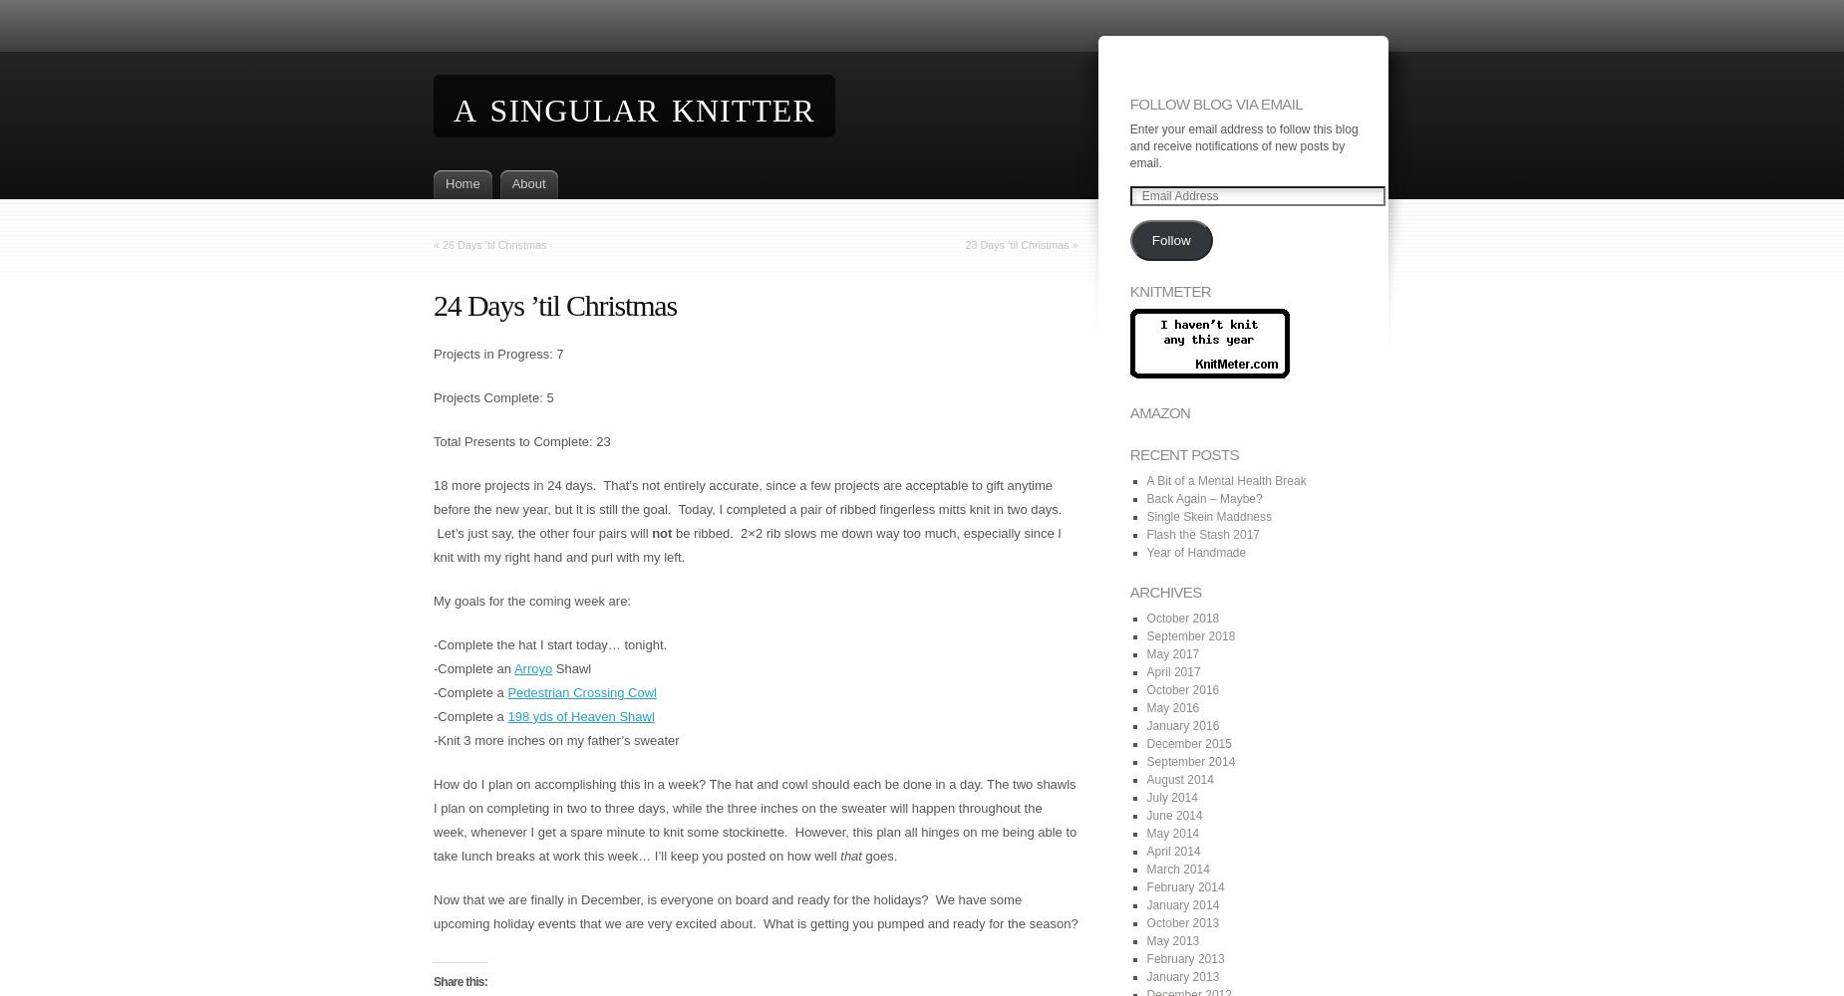  Describe the element at coordinates (1144, 671) in the screenshot. I see `'April 2017'` at that location.